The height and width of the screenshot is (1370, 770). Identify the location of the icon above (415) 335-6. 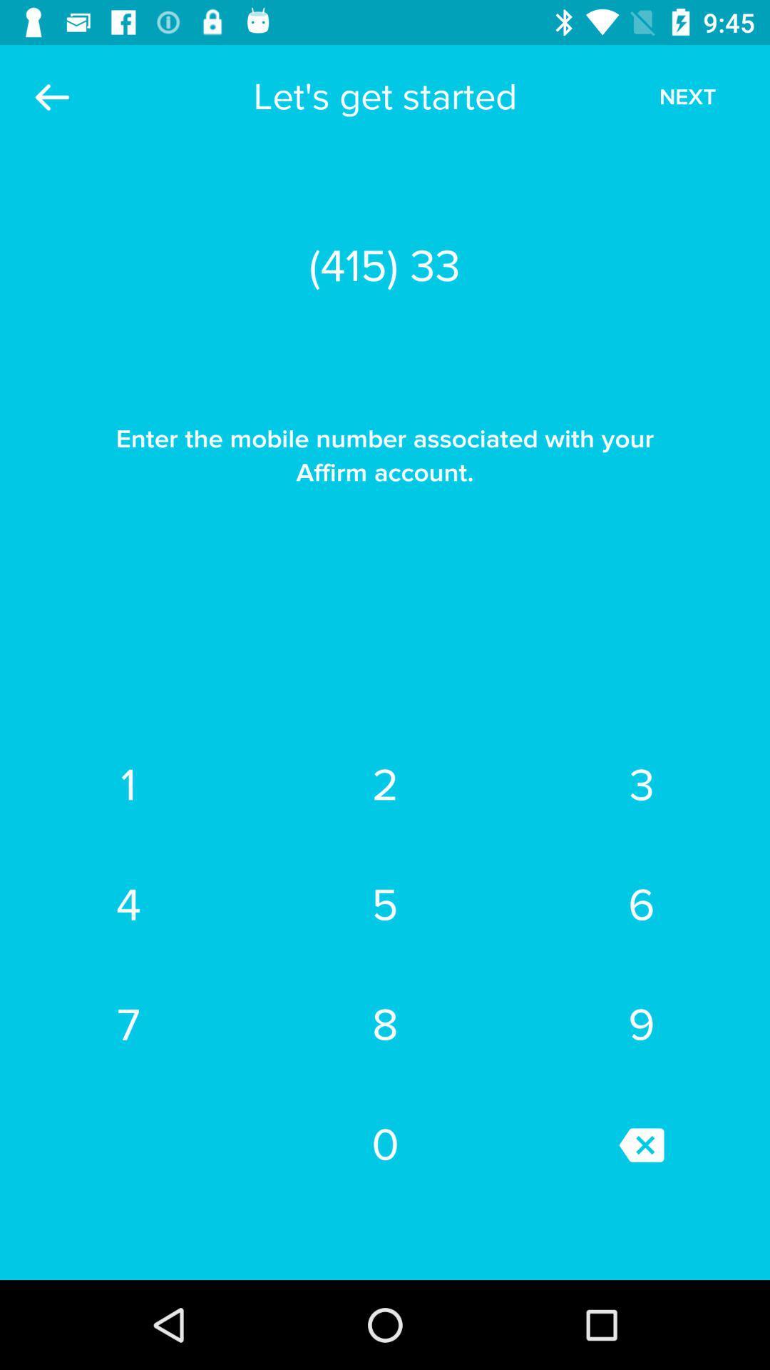
(687, 96).